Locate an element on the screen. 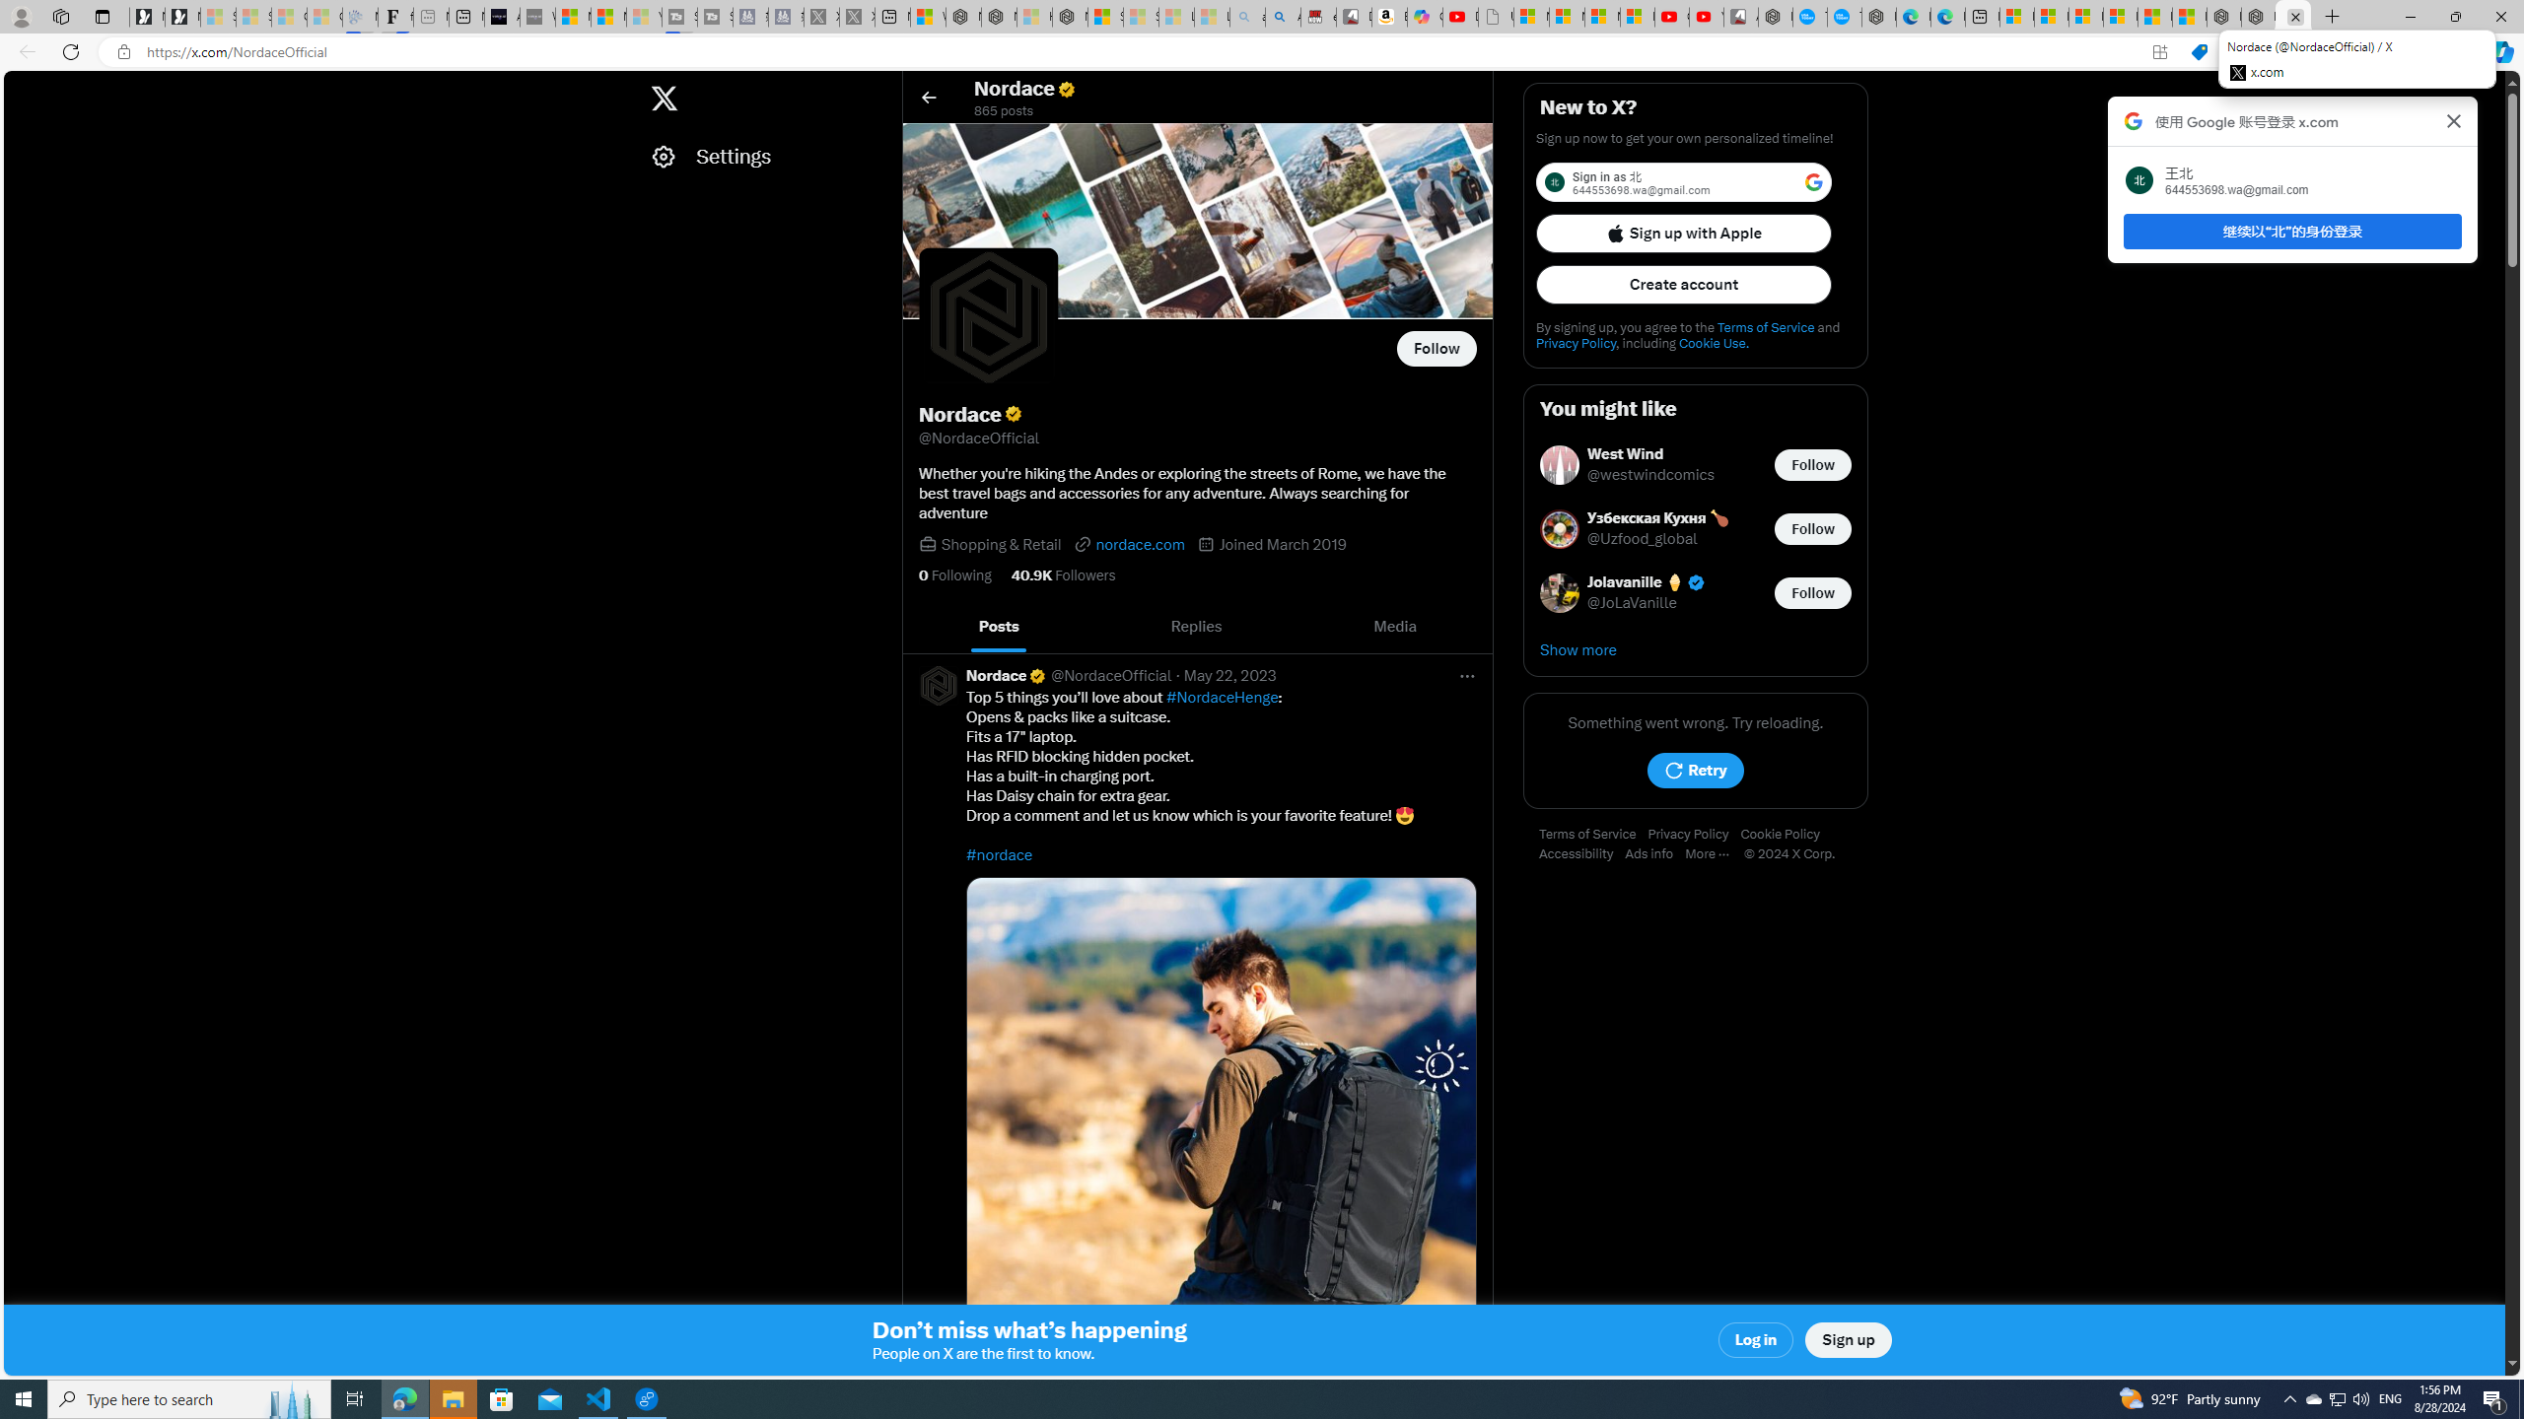  'Day 1: Arriving in Yemen (surreal to be here) - YouTube' is located at coordinates (1458, 16).